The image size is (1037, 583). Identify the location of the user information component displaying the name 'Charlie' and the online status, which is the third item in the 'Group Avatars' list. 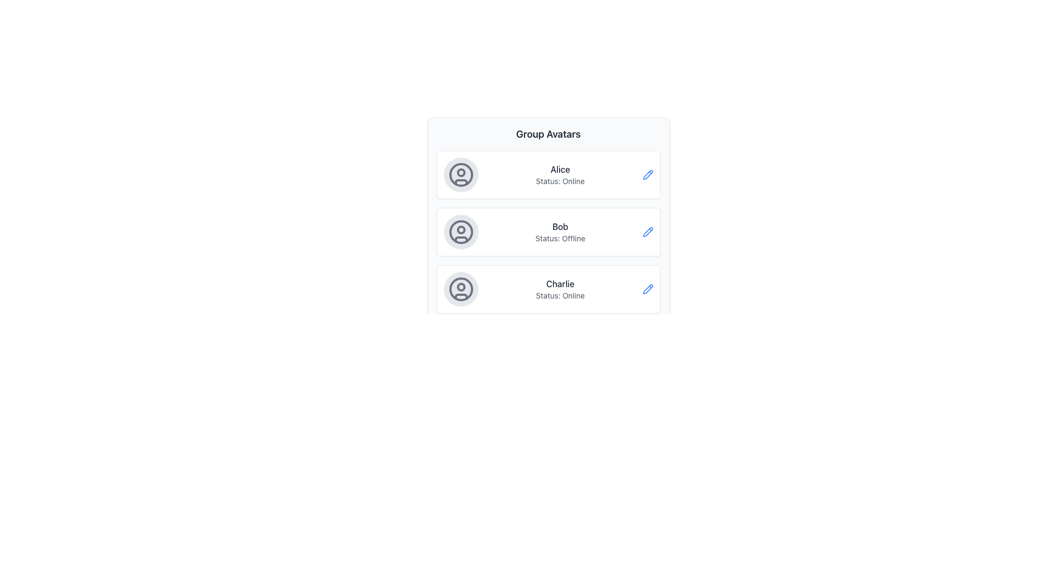
(548, 289).